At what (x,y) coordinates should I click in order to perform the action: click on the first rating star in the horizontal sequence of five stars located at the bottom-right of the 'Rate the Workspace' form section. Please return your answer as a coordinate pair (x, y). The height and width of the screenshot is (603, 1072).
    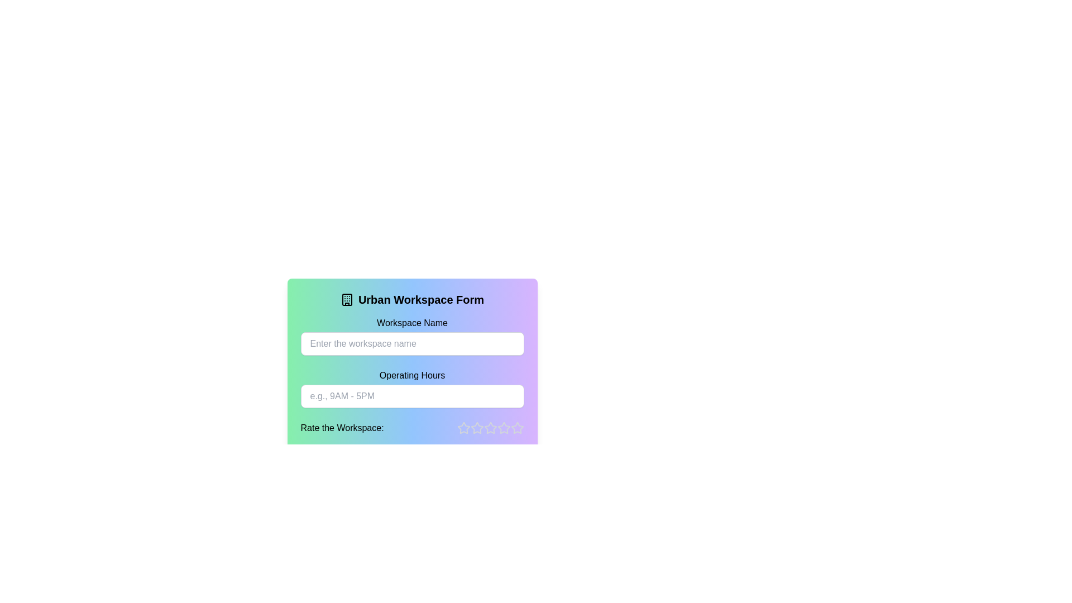
    Looking at the image, I should click on (463, 427).